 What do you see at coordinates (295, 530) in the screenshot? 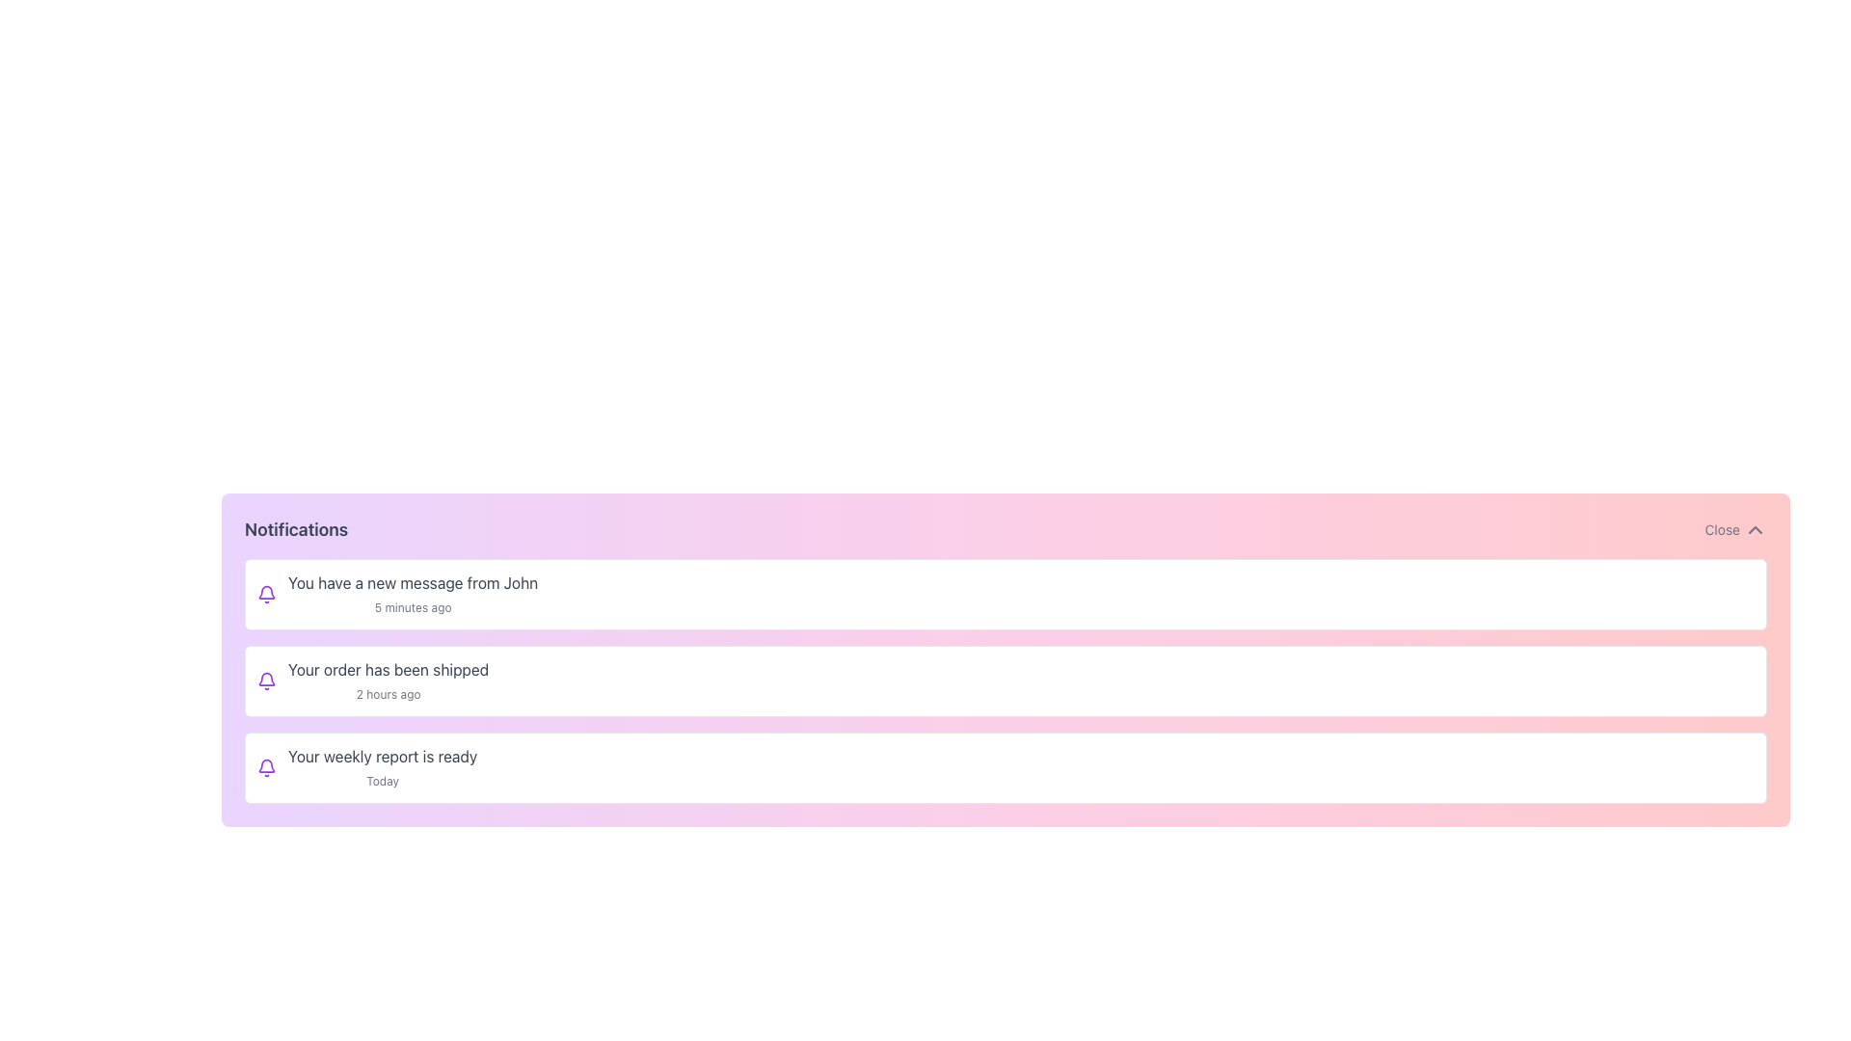
I see `the 'Notifications' text label, which is bold and gray, positioned at the top-left corner of the notification card` at bounding box center [295, 530].